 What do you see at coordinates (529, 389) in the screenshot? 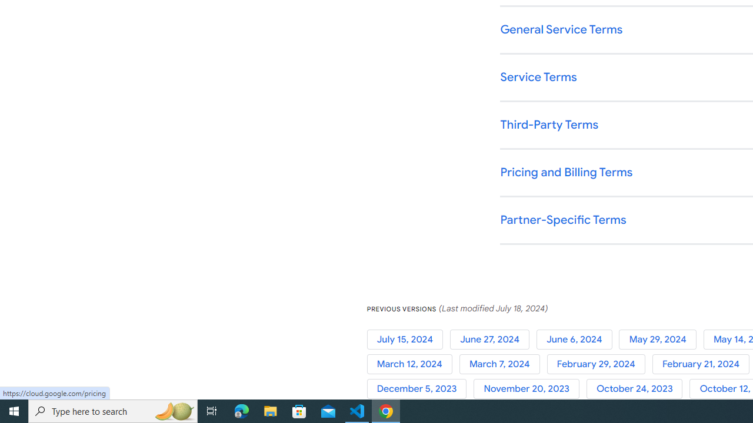
I see `'November 20, 2023'` at bounding box center [529, 389].